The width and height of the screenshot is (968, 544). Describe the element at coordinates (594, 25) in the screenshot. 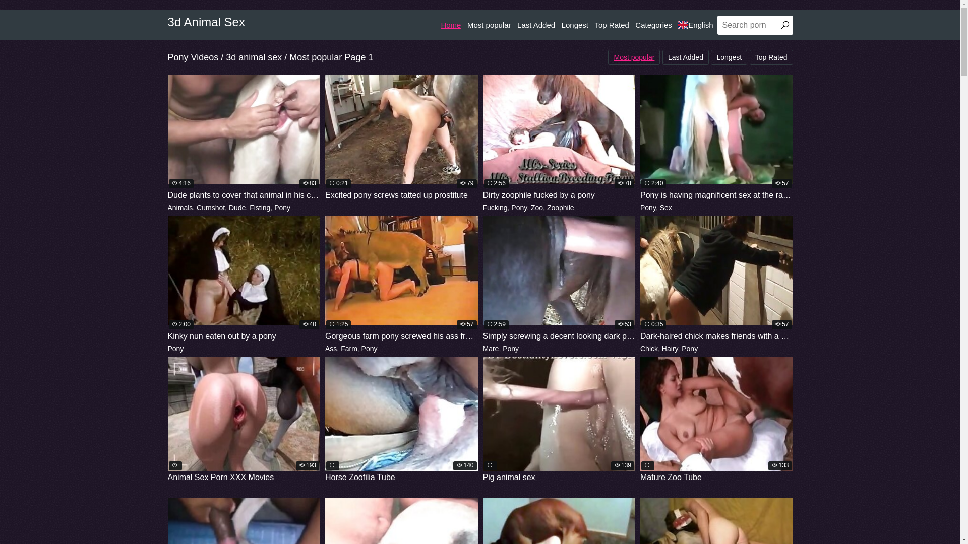

I see `'Top Rated'` at that location.